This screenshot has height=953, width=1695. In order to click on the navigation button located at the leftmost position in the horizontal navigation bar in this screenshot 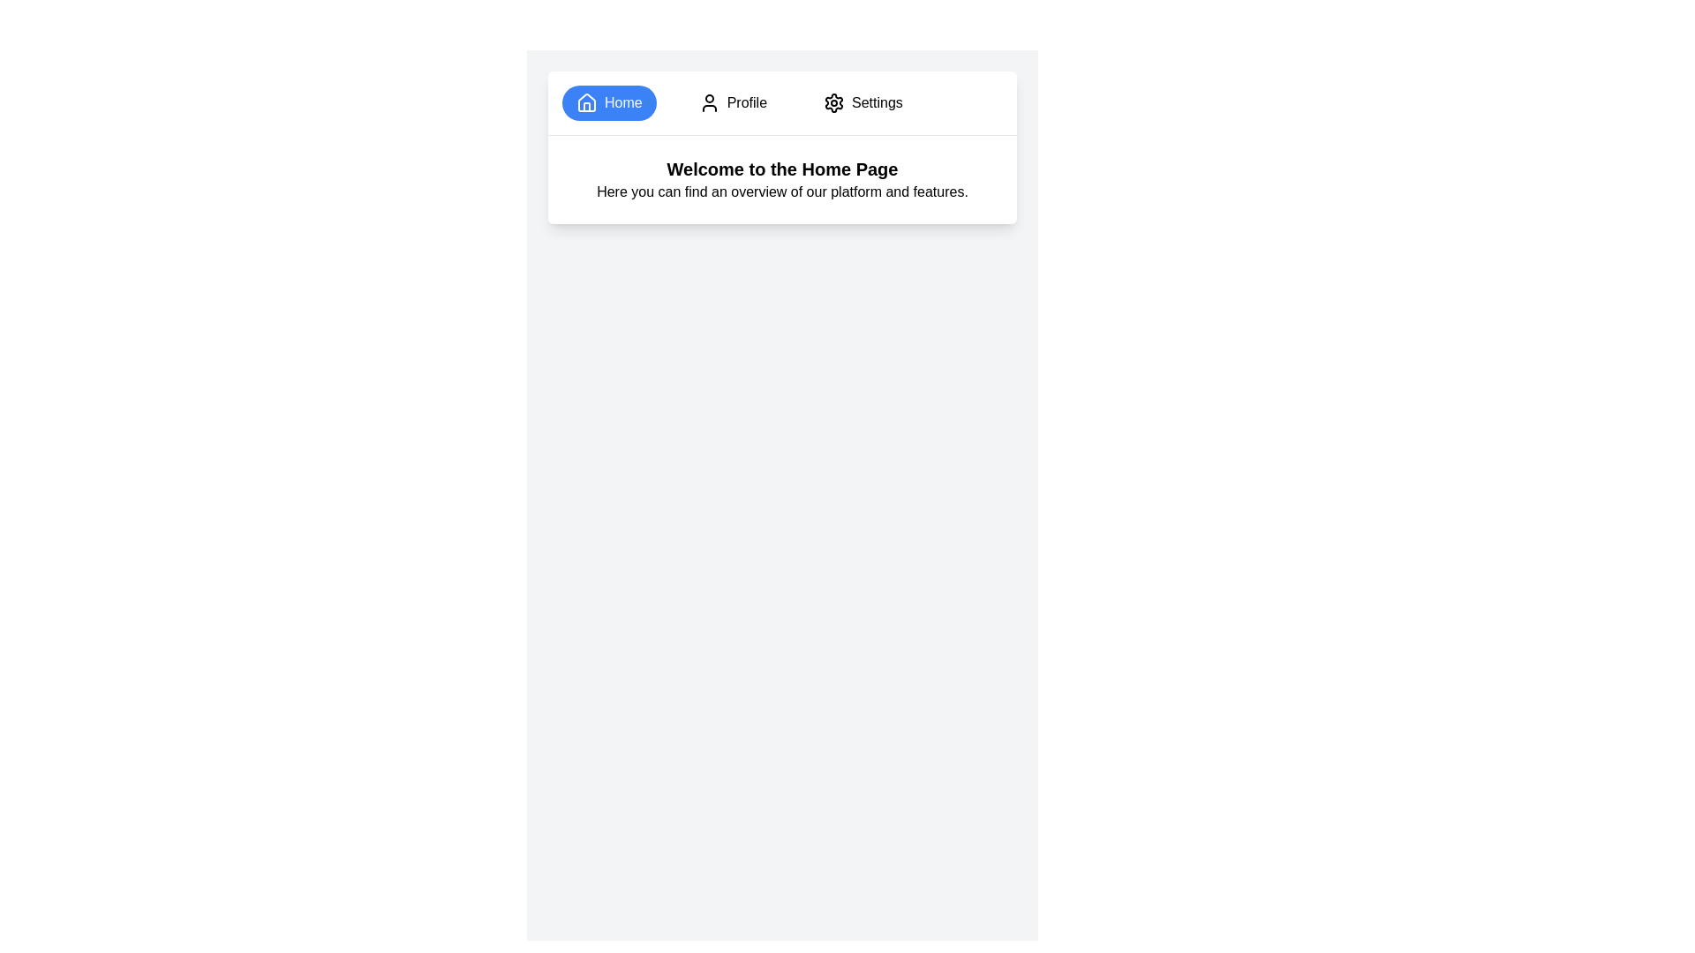, I will do `click(609, 102)`.